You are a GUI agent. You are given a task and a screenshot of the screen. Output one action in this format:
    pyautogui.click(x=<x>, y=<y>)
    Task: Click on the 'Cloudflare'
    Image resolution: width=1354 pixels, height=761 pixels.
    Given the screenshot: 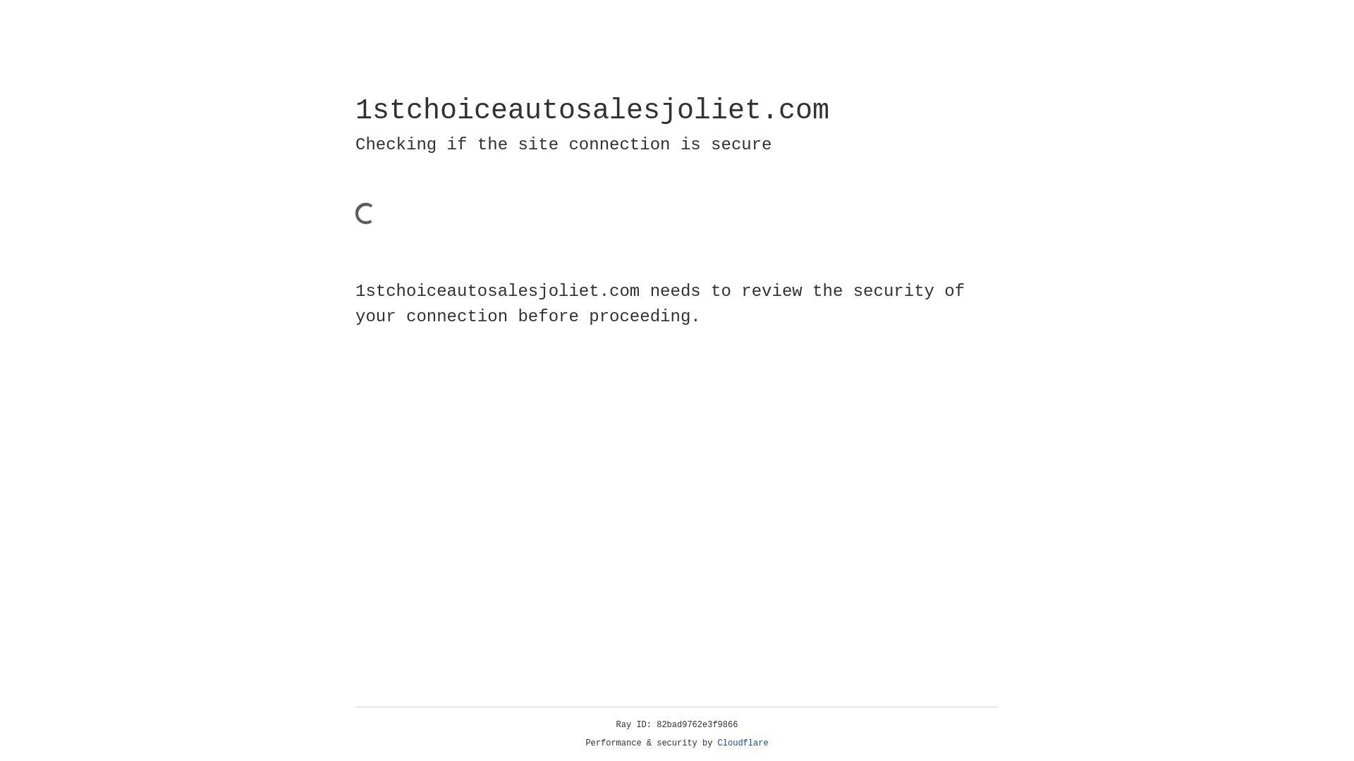 What is the action you would take?
    pyautogui.click(x=743, y=743)
    